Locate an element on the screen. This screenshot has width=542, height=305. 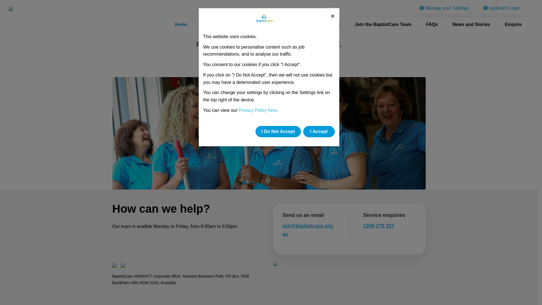
'I Accept' is located at coordinates (303, 132).